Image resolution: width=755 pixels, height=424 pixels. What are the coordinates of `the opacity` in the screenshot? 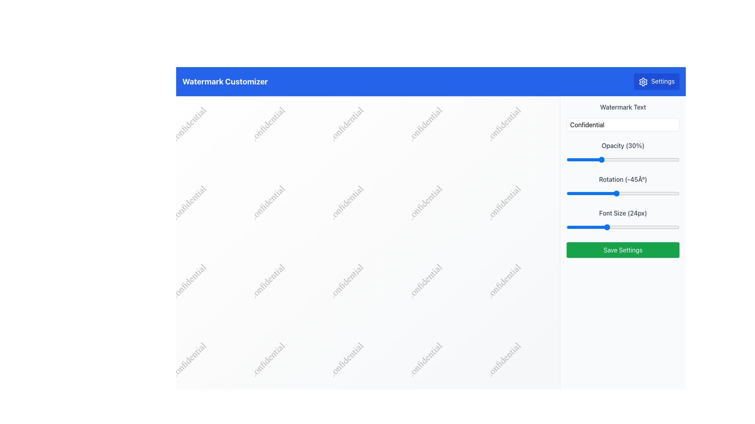 It's located at (579, 159).